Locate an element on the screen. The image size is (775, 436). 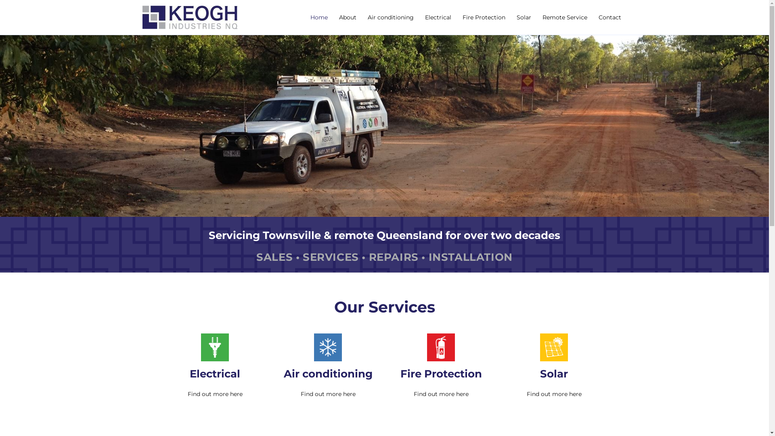
'Air conditioning' is located at coordinates (327, 373).